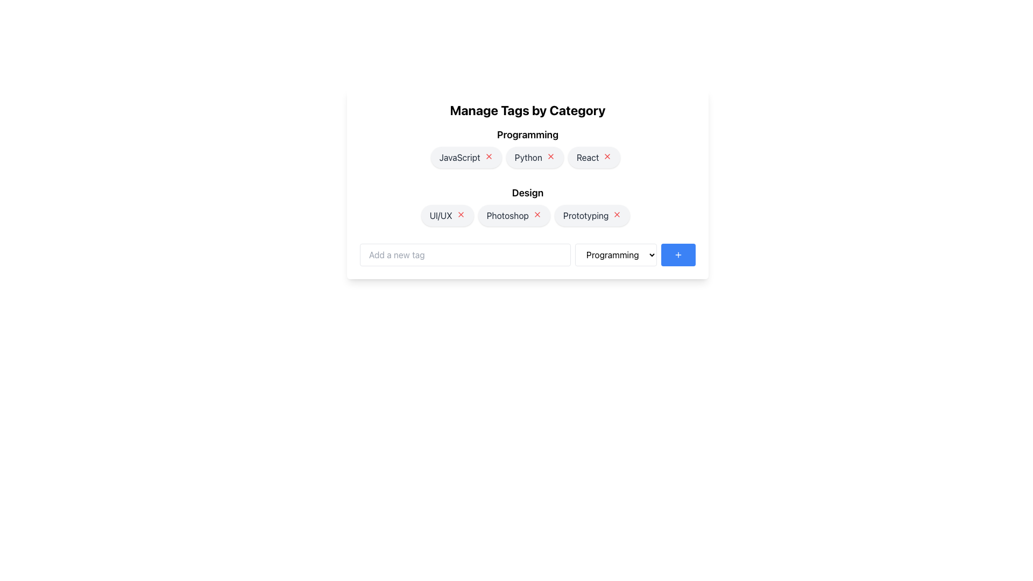  Describe the element at coordinates (487, 156) in the screenshot. I see `the button located to the right of the 'JavaScript' text` at that location.